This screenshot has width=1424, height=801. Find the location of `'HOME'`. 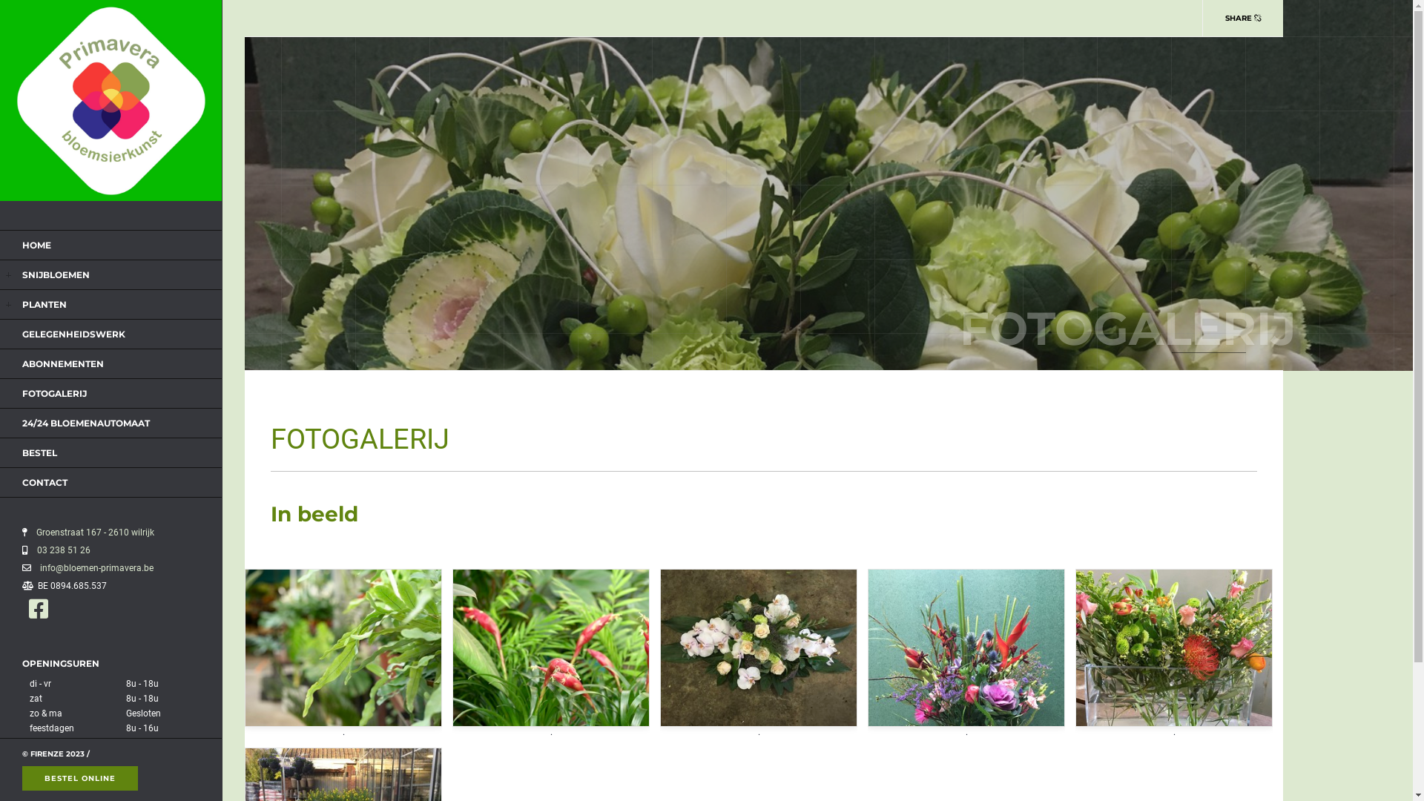

'HOME' is located at coordinates (22, 244).